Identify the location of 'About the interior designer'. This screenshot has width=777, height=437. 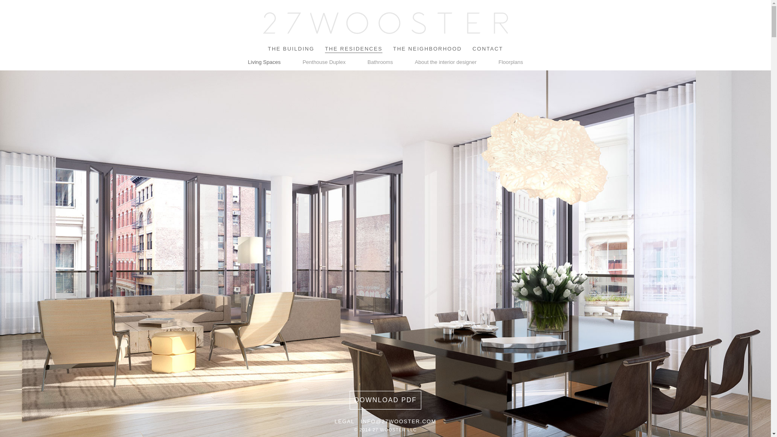
(445, 62).